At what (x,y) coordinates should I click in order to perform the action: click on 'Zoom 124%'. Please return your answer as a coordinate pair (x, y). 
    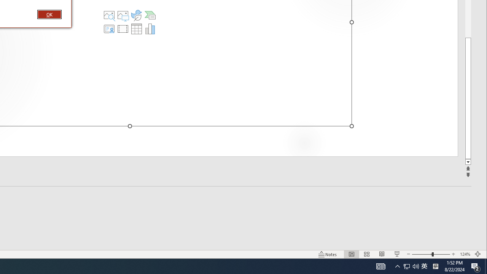
    Looking at the image, I should click on (465, 254).